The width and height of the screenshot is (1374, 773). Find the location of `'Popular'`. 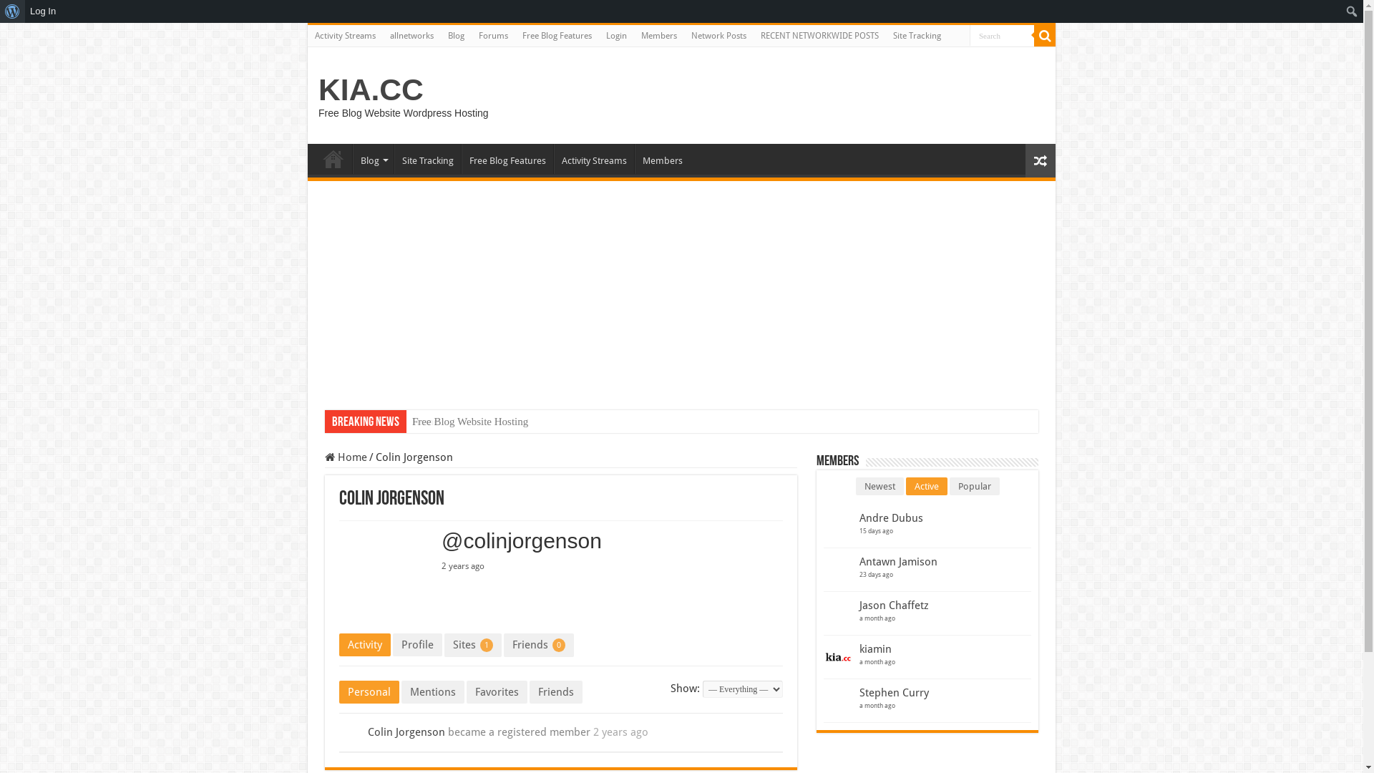

'Popular' is located at coordinates (973, 485).